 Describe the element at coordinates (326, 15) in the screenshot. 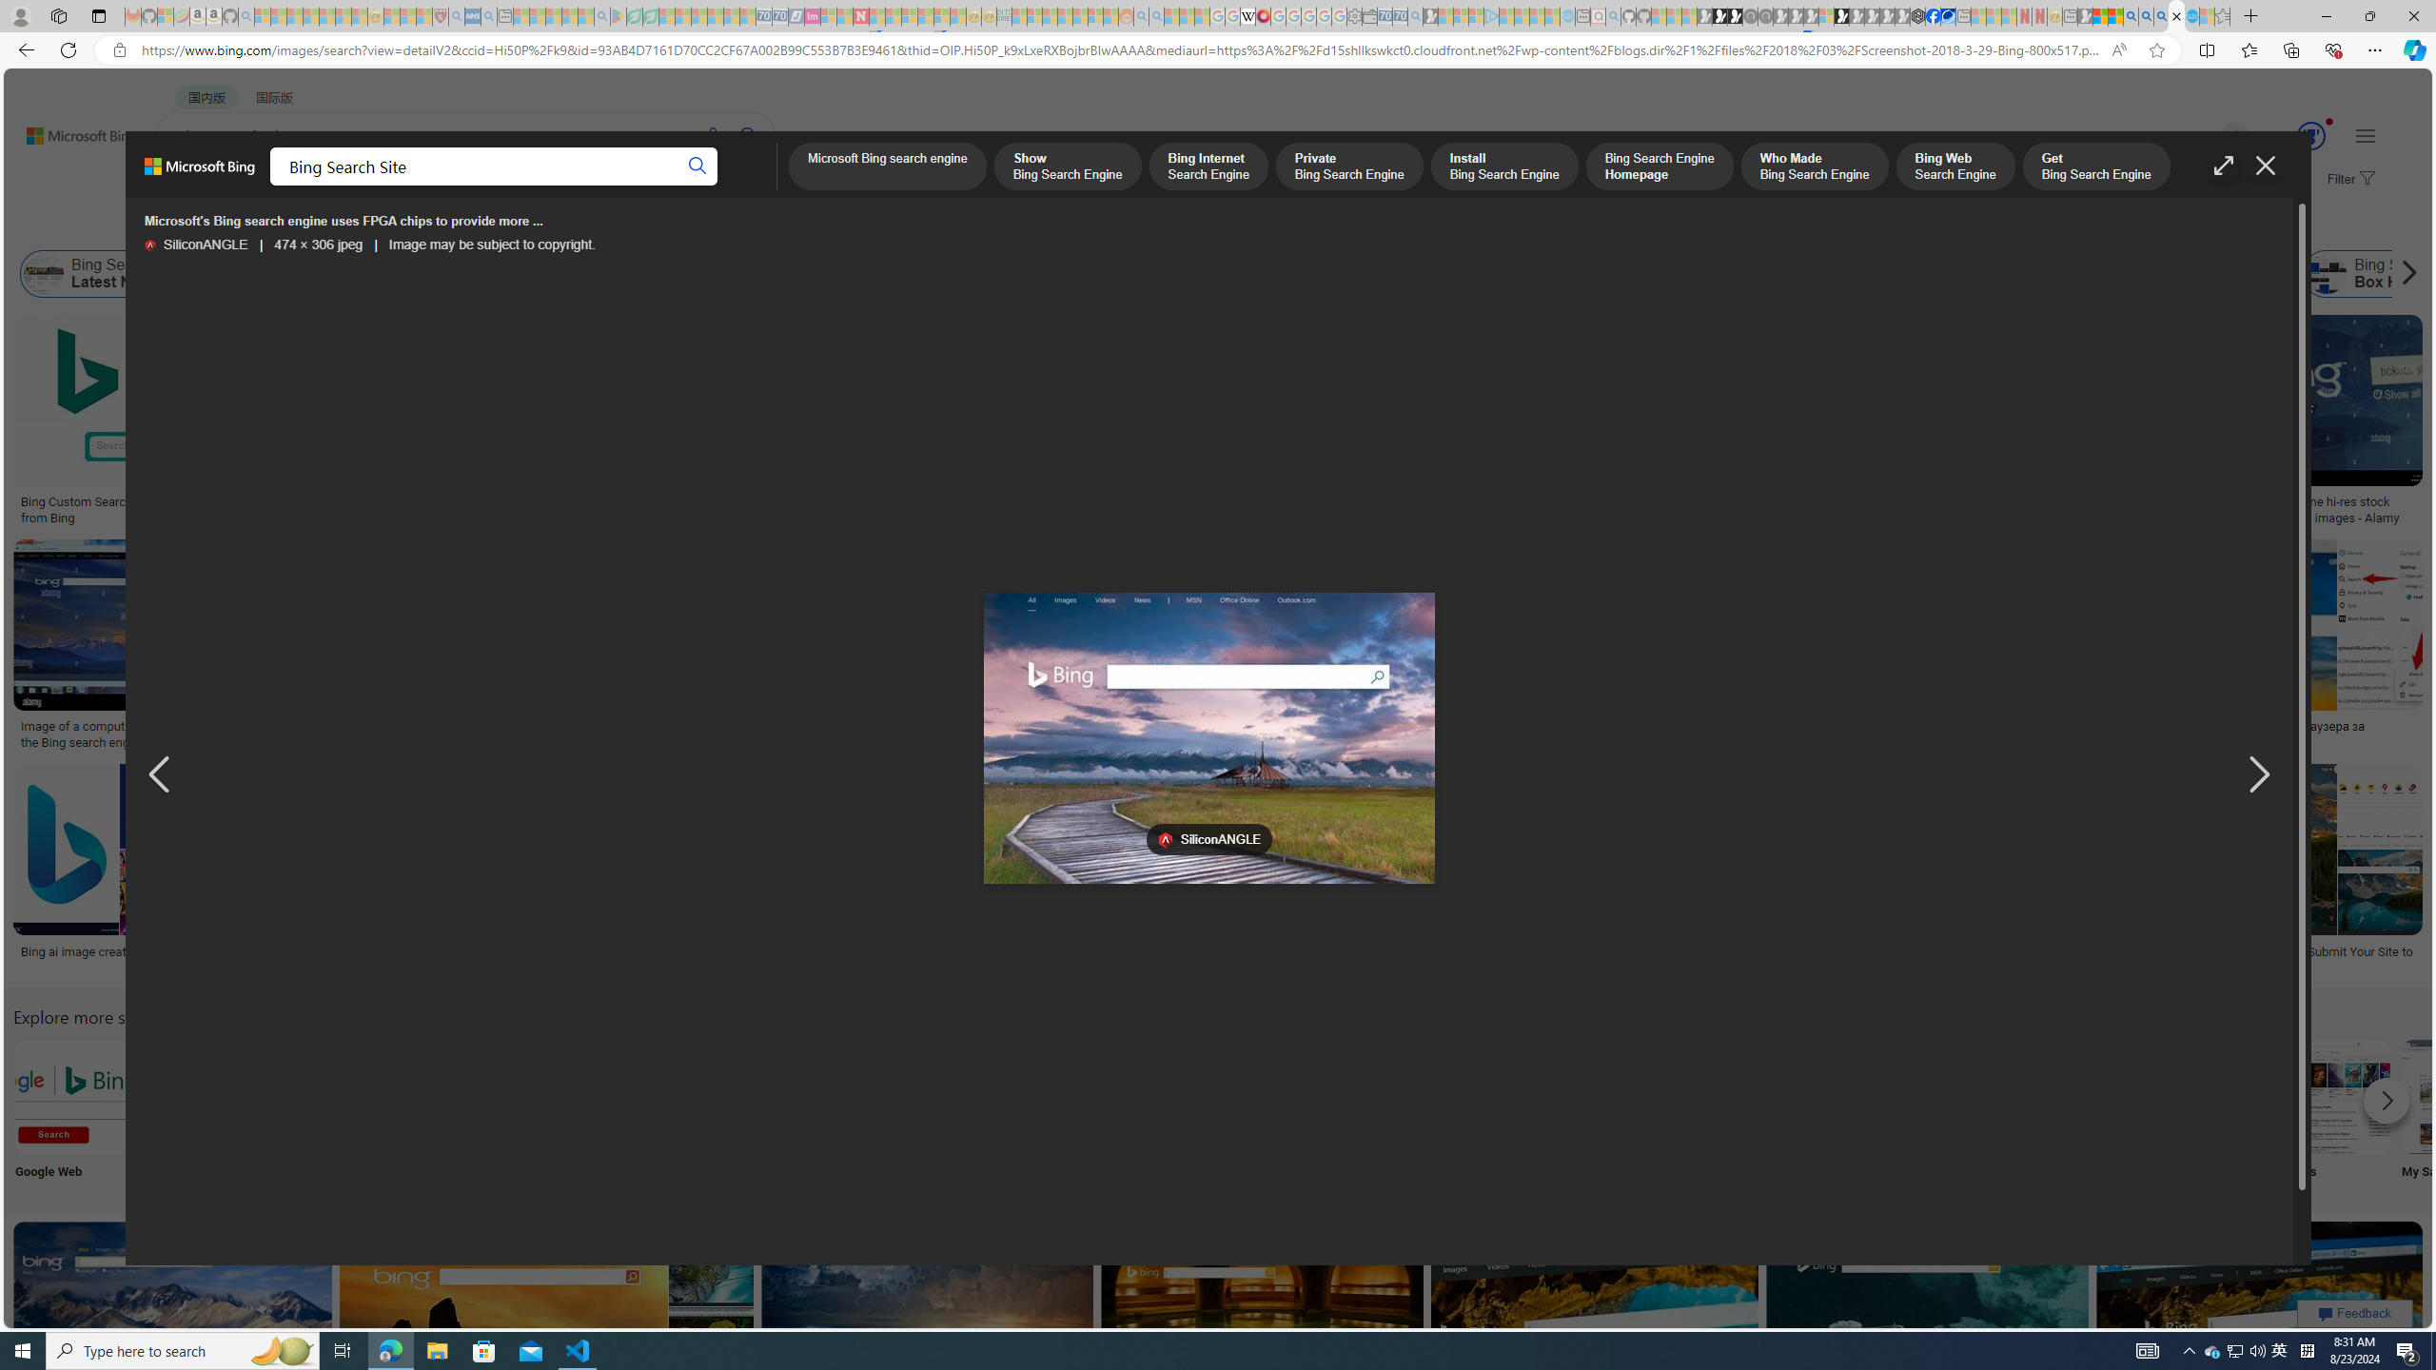

I see `'New Report Confirms 2023 Was Record Hot | Watch - Sleeping'` at that location.